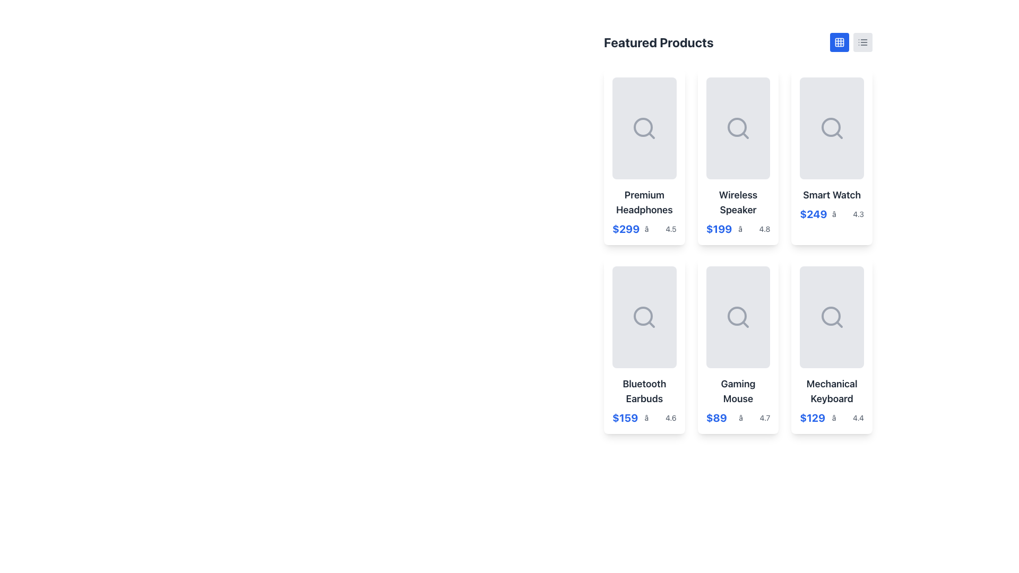 This screenshot has width=1019, height=573. I want to click on the text label located at the bottom-left of the card component in the bottom right corner of the grid layout, so click(831, 391).